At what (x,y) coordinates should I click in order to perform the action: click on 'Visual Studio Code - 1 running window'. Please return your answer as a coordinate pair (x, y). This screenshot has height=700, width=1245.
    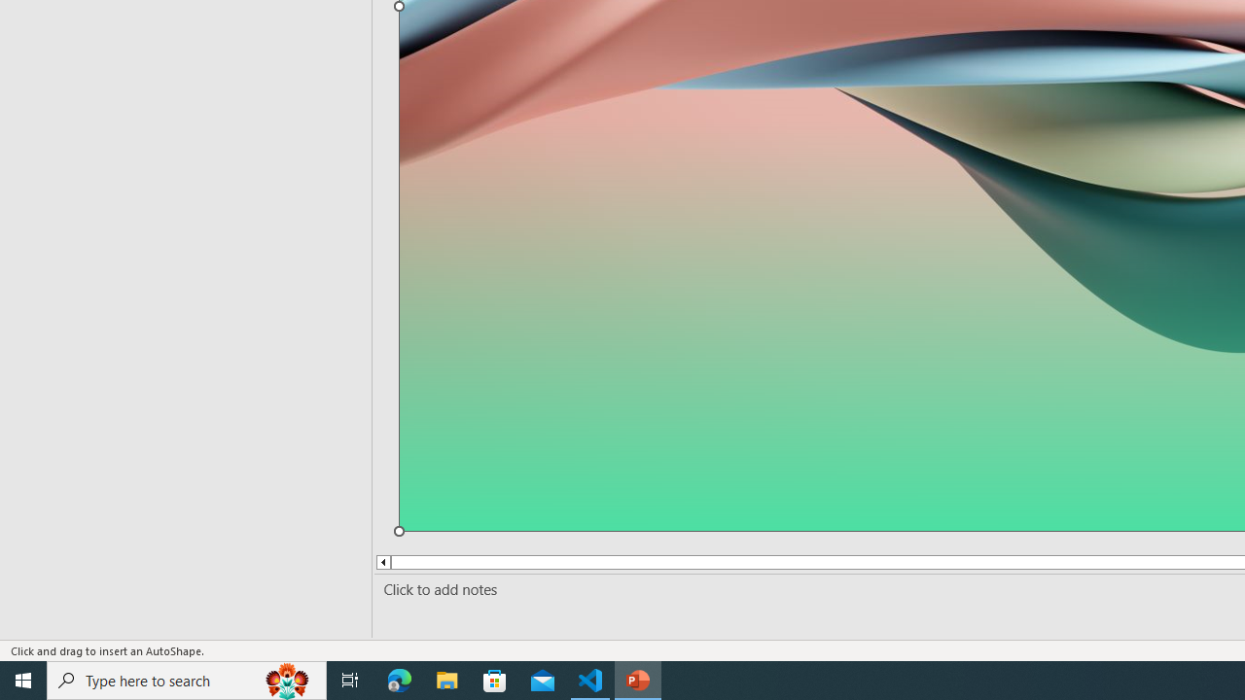
    Looking at the image, I should click on (589, 679).